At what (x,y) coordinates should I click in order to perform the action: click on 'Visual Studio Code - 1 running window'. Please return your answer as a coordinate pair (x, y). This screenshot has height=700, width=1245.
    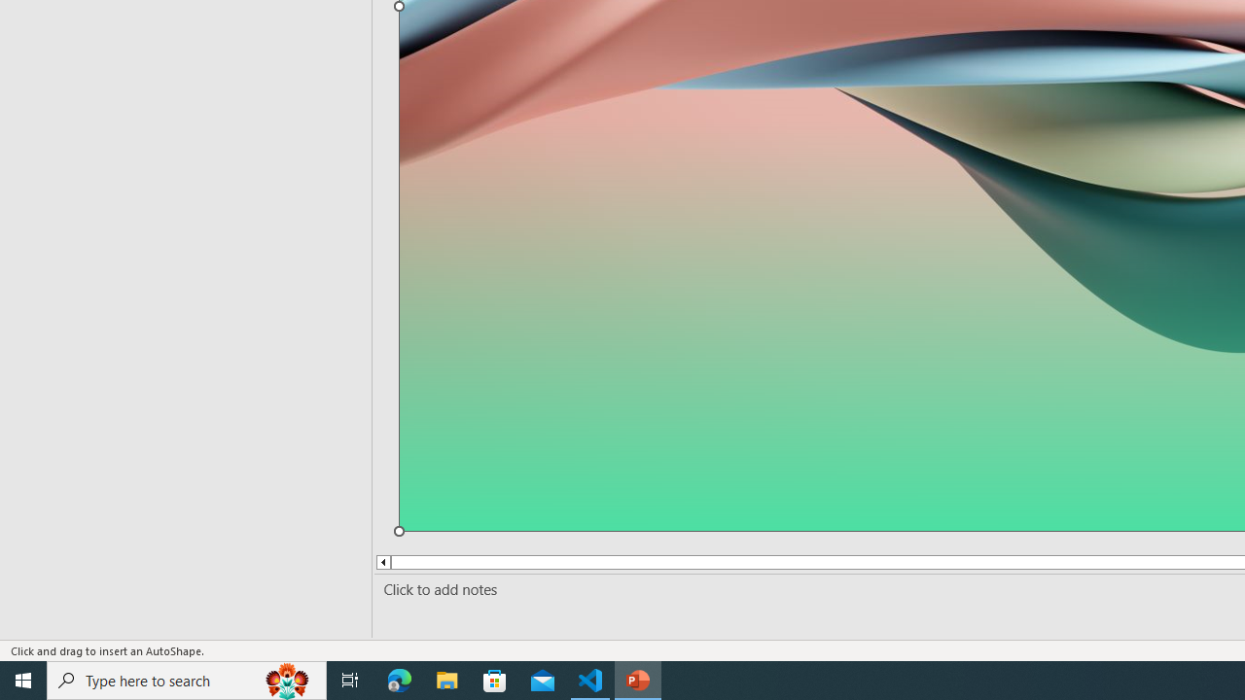
    Looking at the image, I should click on (589, 679).